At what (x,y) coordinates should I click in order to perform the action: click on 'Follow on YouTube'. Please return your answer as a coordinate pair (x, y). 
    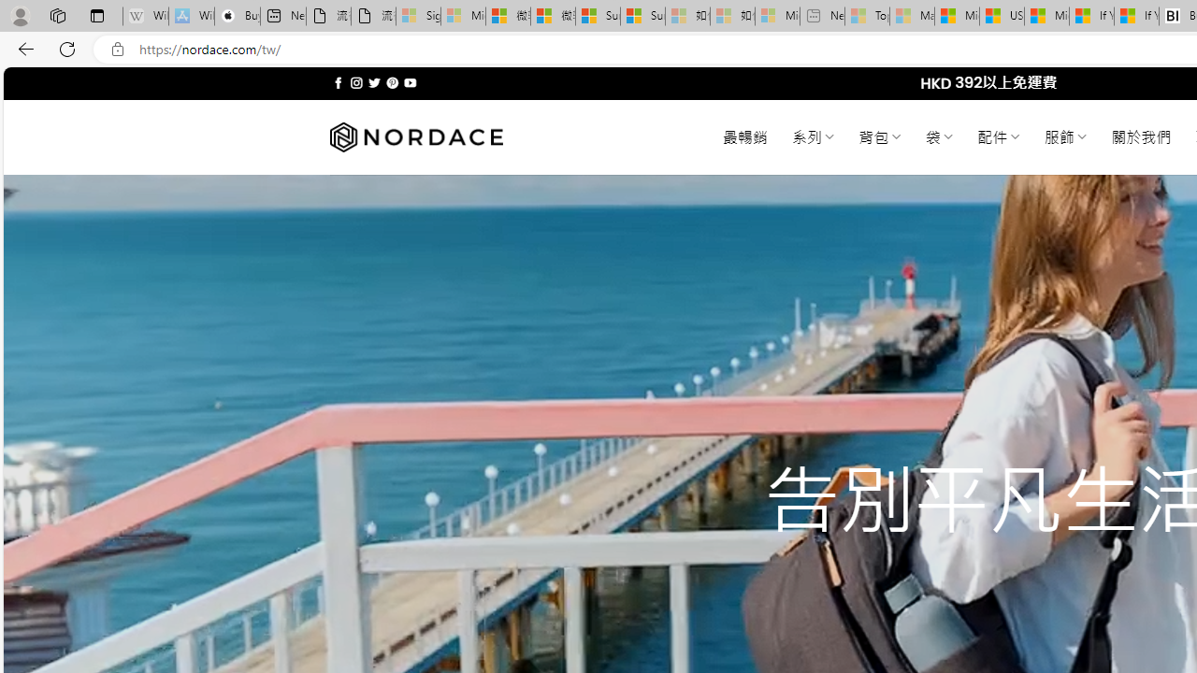
    Looking at the image, I should click on (410, 82).